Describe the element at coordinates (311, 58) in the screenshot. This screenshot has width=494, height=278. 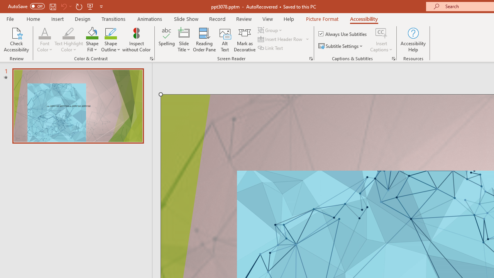
I see `'Screen Reader'` at that location.